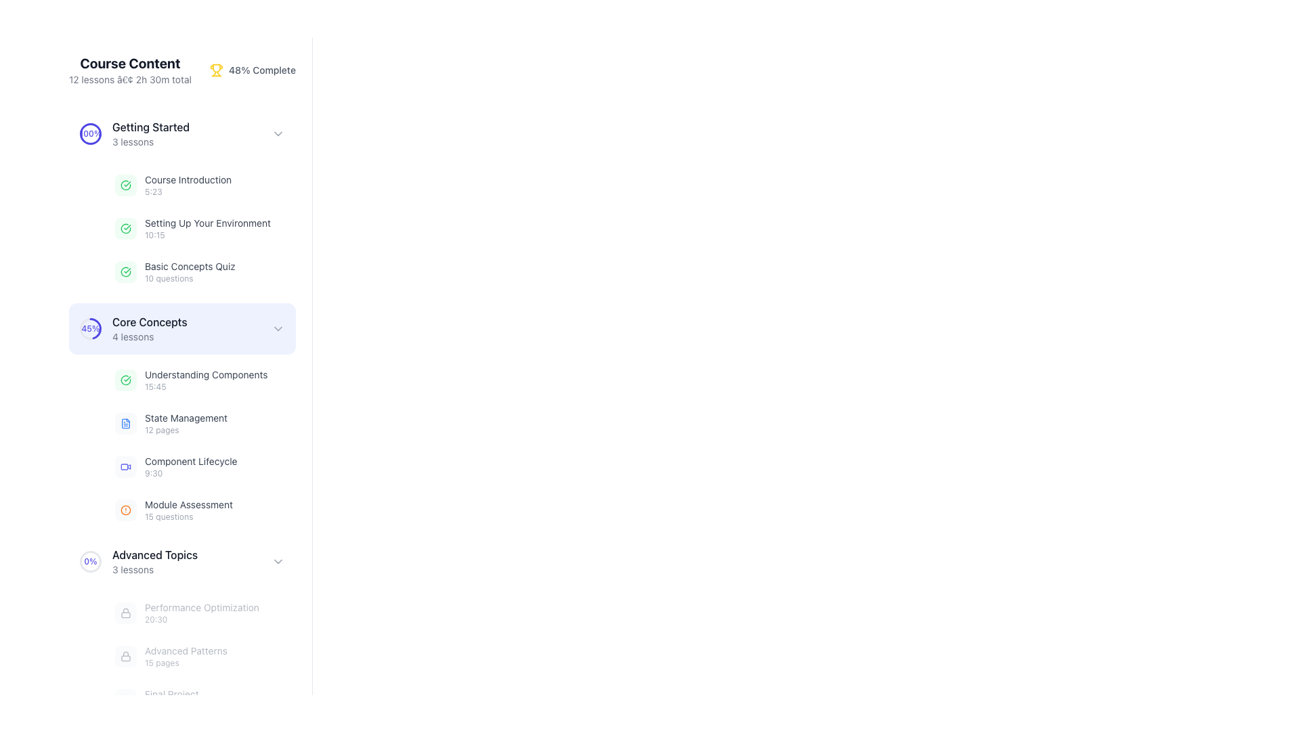  Describe the element at coordinates (188, 516) in the screenshot. I see `the small gray text label displaying '15 questions'` at that location.